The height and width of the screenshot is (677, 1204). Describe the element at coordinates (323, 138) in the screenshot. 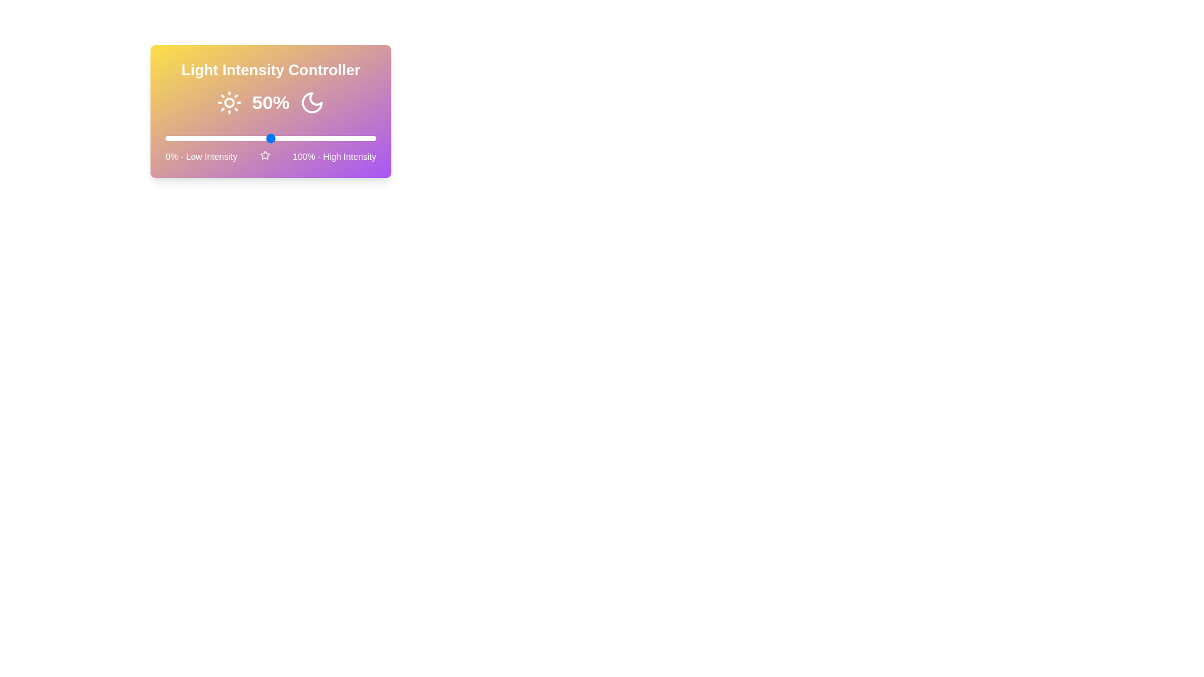

I see `the light intensity to 75%, where 75 is a value between 0 and 100` at that location.